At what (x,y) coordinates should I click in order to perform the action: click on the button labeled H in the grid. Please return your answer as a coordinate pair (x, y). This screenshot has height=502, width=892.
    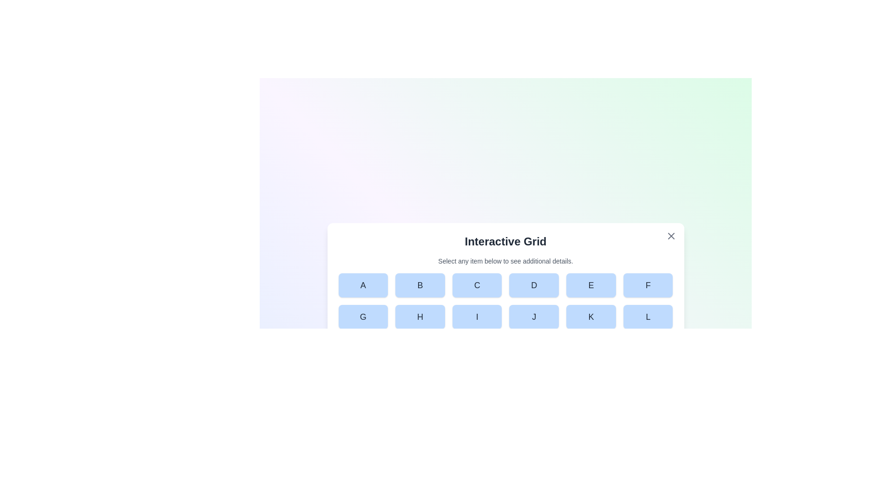
    Looking at the image, I should click on (420, 317).